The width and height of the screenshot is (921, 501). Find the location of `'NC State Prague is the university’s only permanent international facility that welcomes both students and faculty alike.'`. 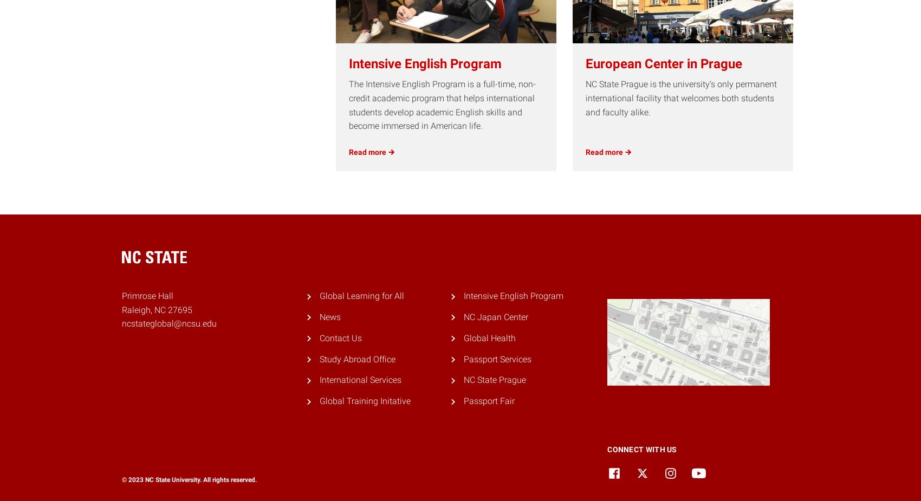

'NC State Prague is the university’s only permanent international facility that welcomes both students and faculty alike.' is located at coordinates (680, 97).